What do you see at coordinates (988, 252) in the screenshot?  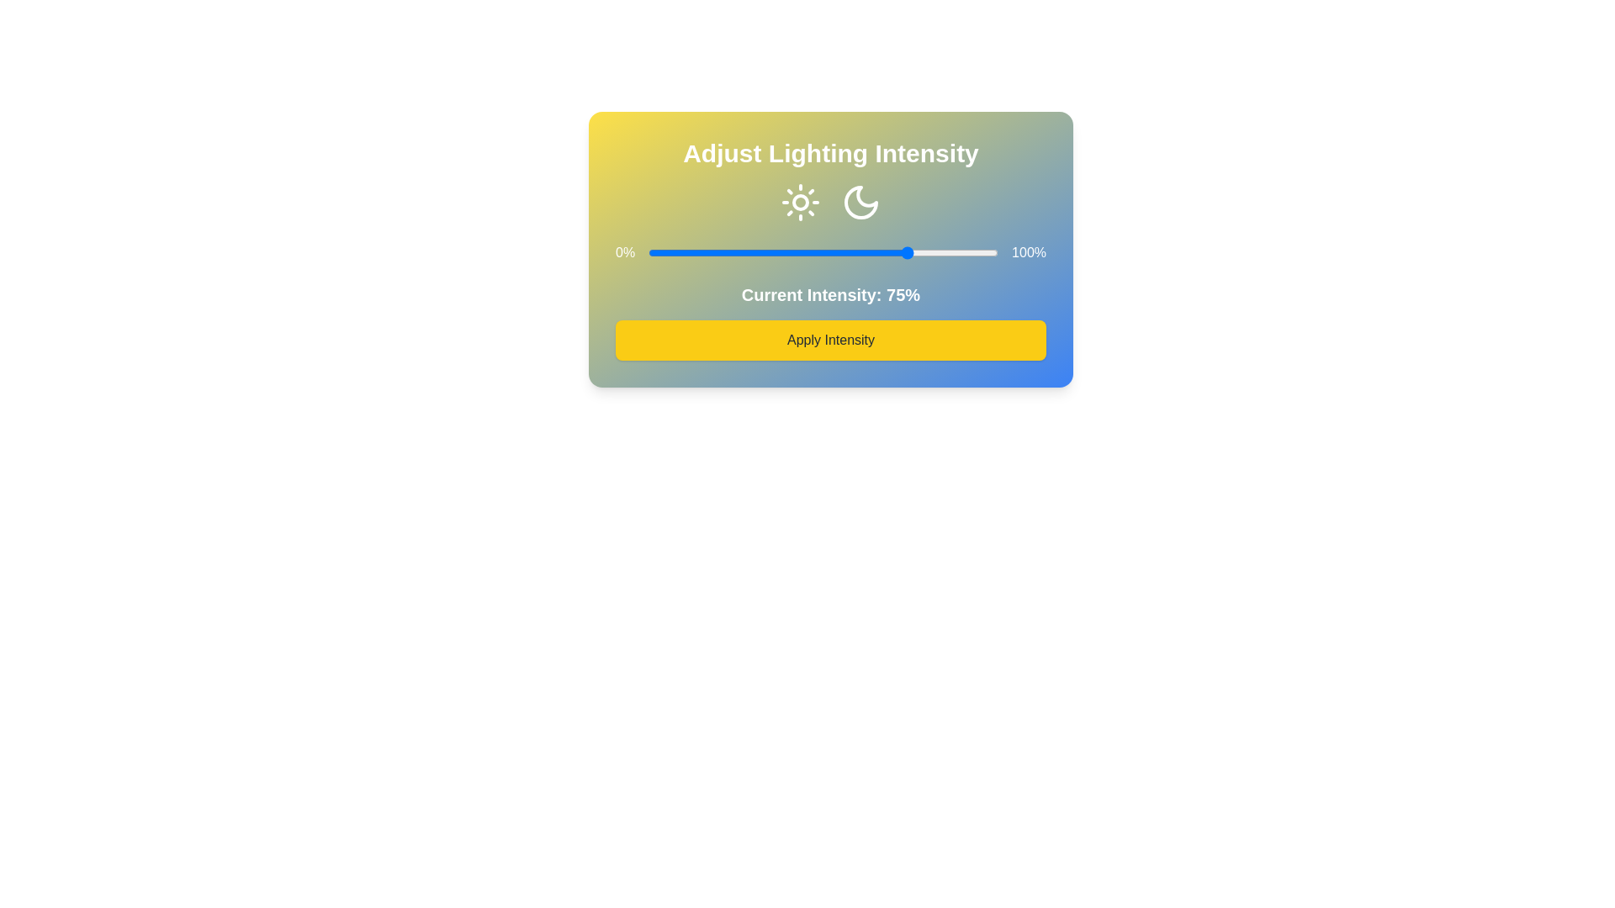 I see `the light intensity to 97% by moving the slider` at bounding box center [988, 252].